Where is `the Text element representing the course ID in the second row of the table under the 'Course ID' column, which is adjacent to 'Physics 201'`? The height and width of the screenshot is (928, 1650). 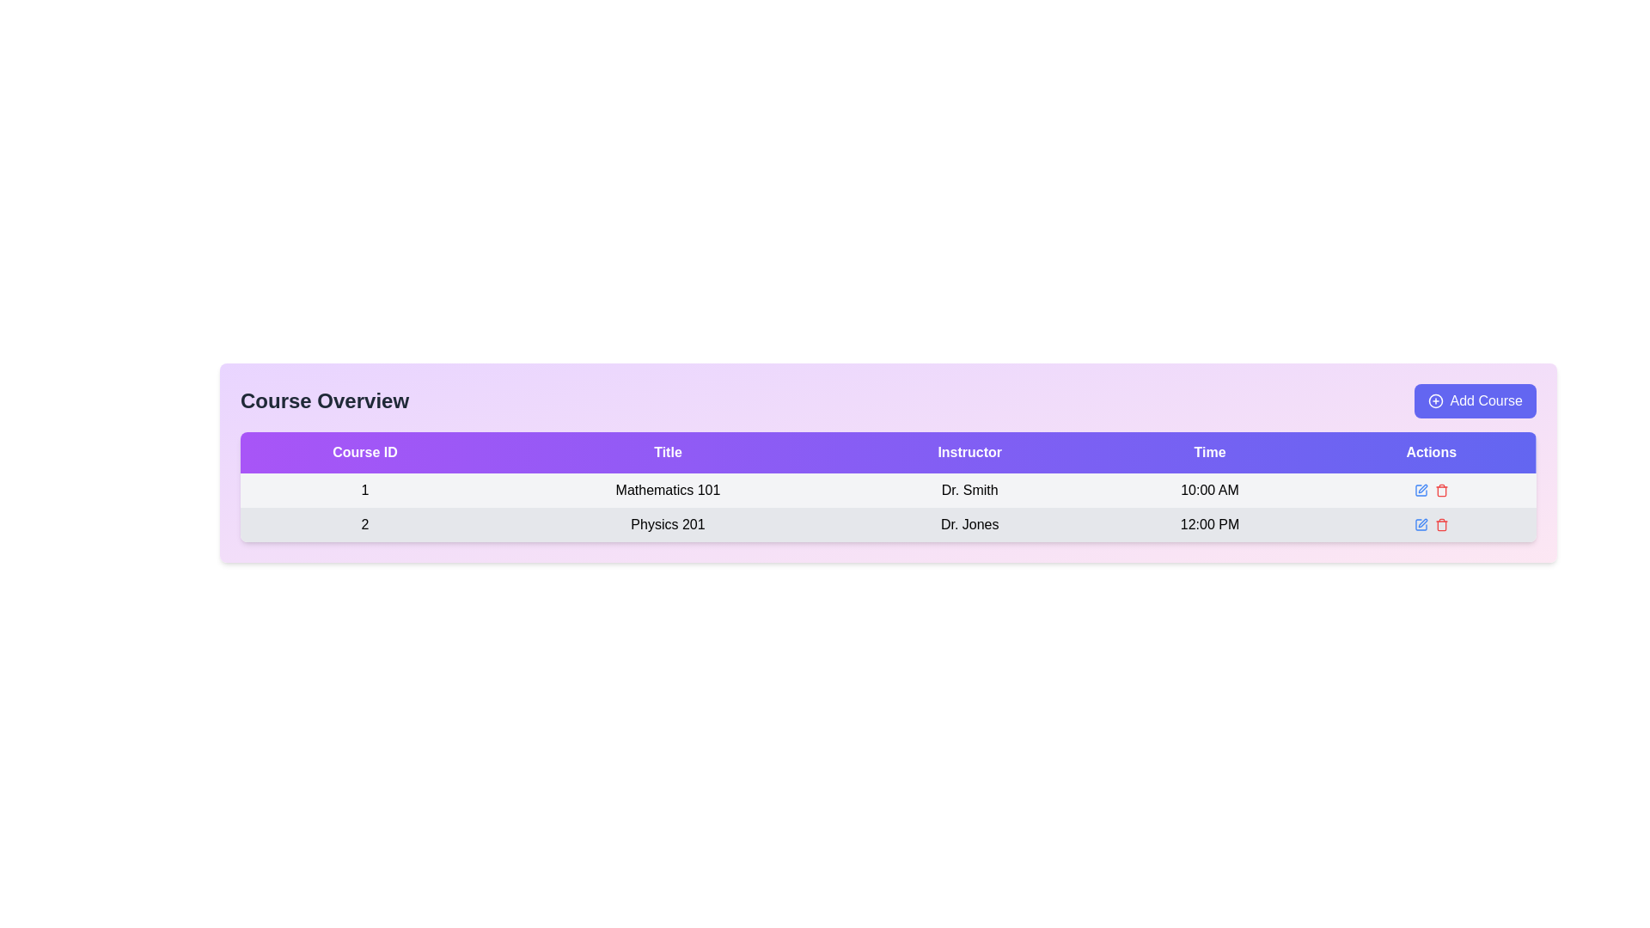
the Text element representing the course ID in the second row of the table under the 'Course ID' column, which is adjacent to 'Physics 201' is located at coordinates (364, 523).